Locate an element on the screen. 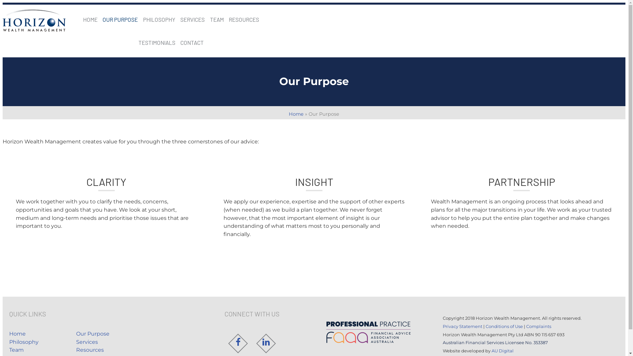 The image size is (633, 356). 'Philosophy' is located at coordinates (9, 341).